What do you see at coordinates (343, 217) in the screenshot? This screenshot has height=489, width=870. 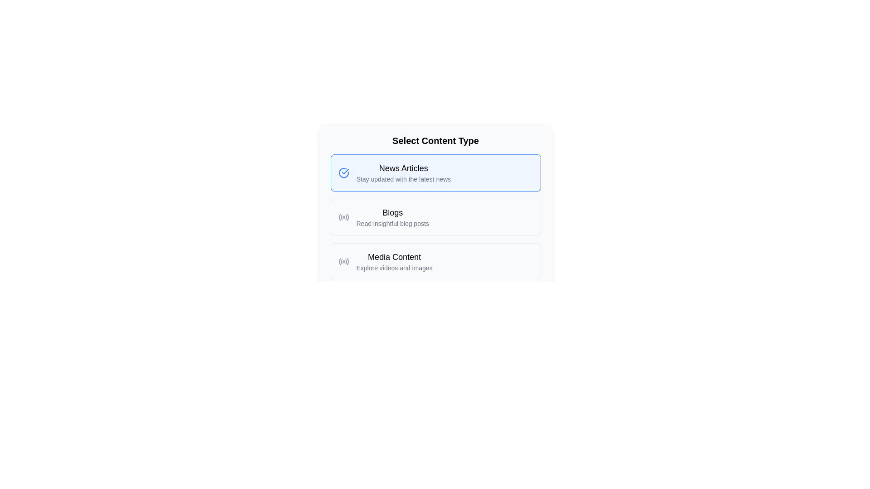 I see `the 'Blogs' icon located in the Blogs section, which is aligned to the left near the text 'Read insightful blog posts'` at bounding box center [343, 217].